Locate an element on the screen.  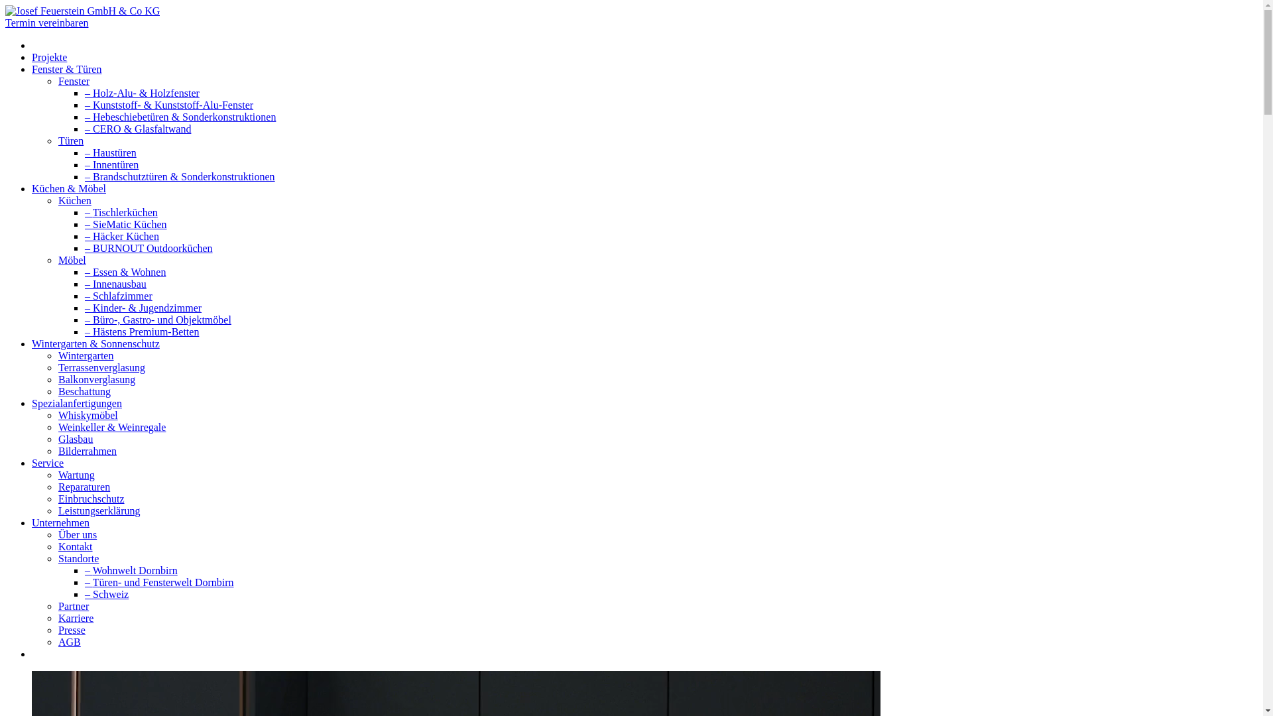
'Wintergarten' is located at coordinates (57, 355).